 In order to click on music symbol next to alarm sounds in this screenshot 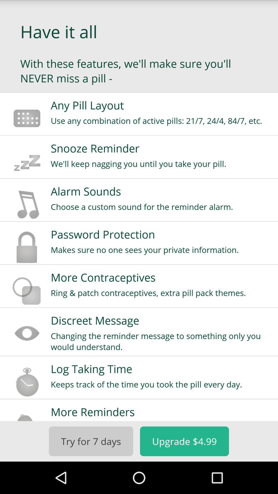, I will do `click(27, 204)`.